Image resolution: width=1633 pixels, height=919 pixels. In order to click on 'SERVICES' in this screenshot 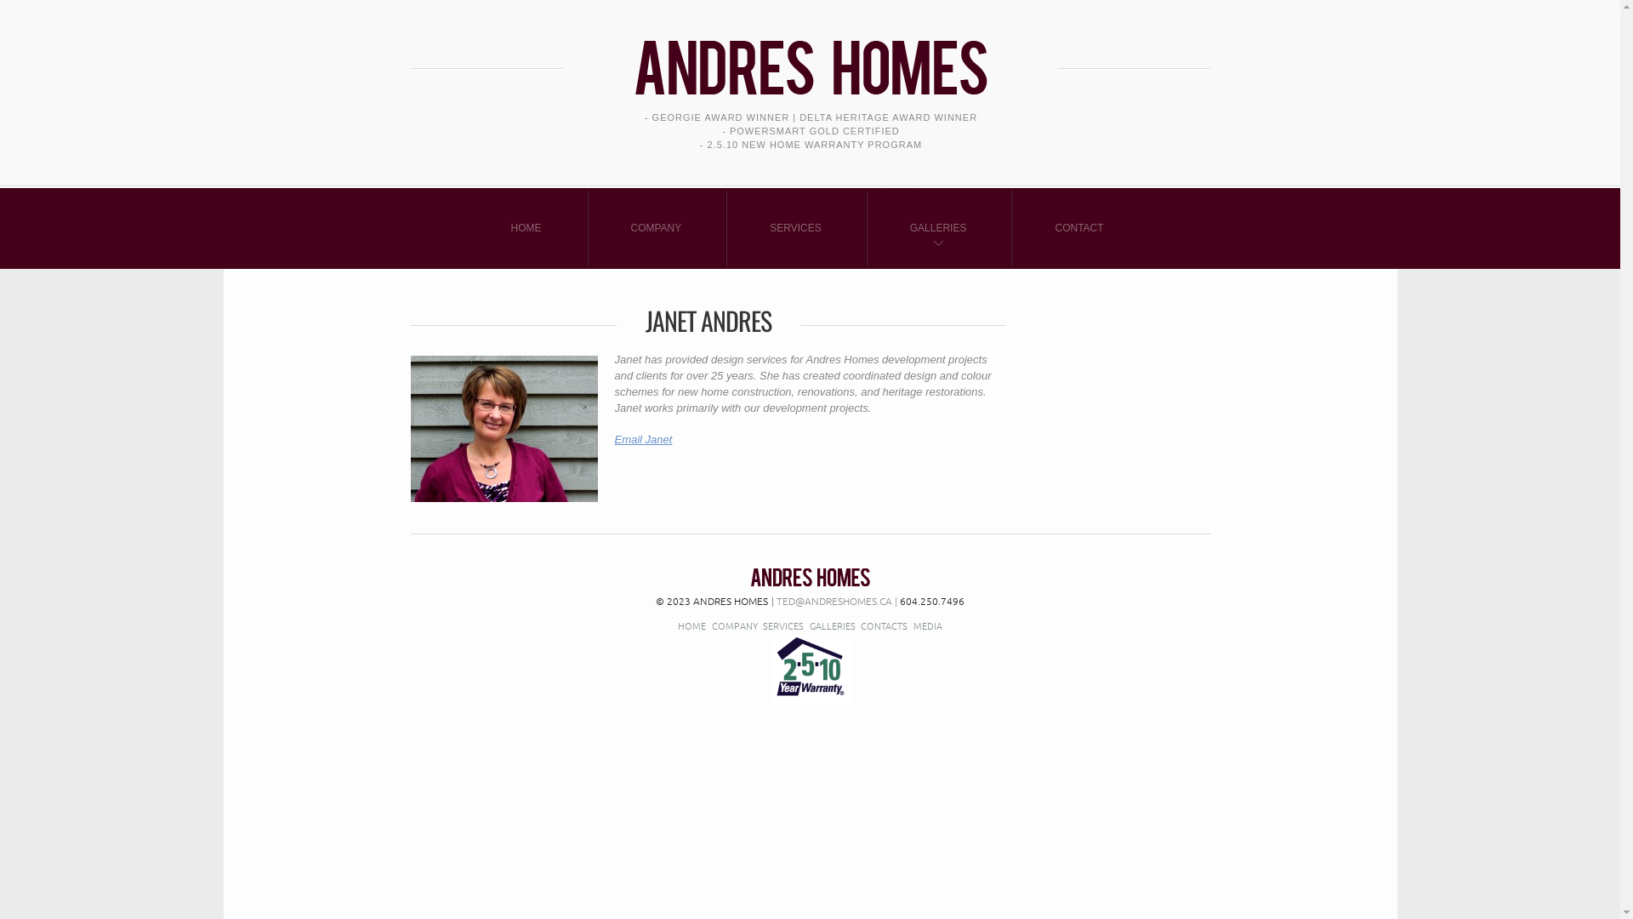, I will do `click(782, 625)`.